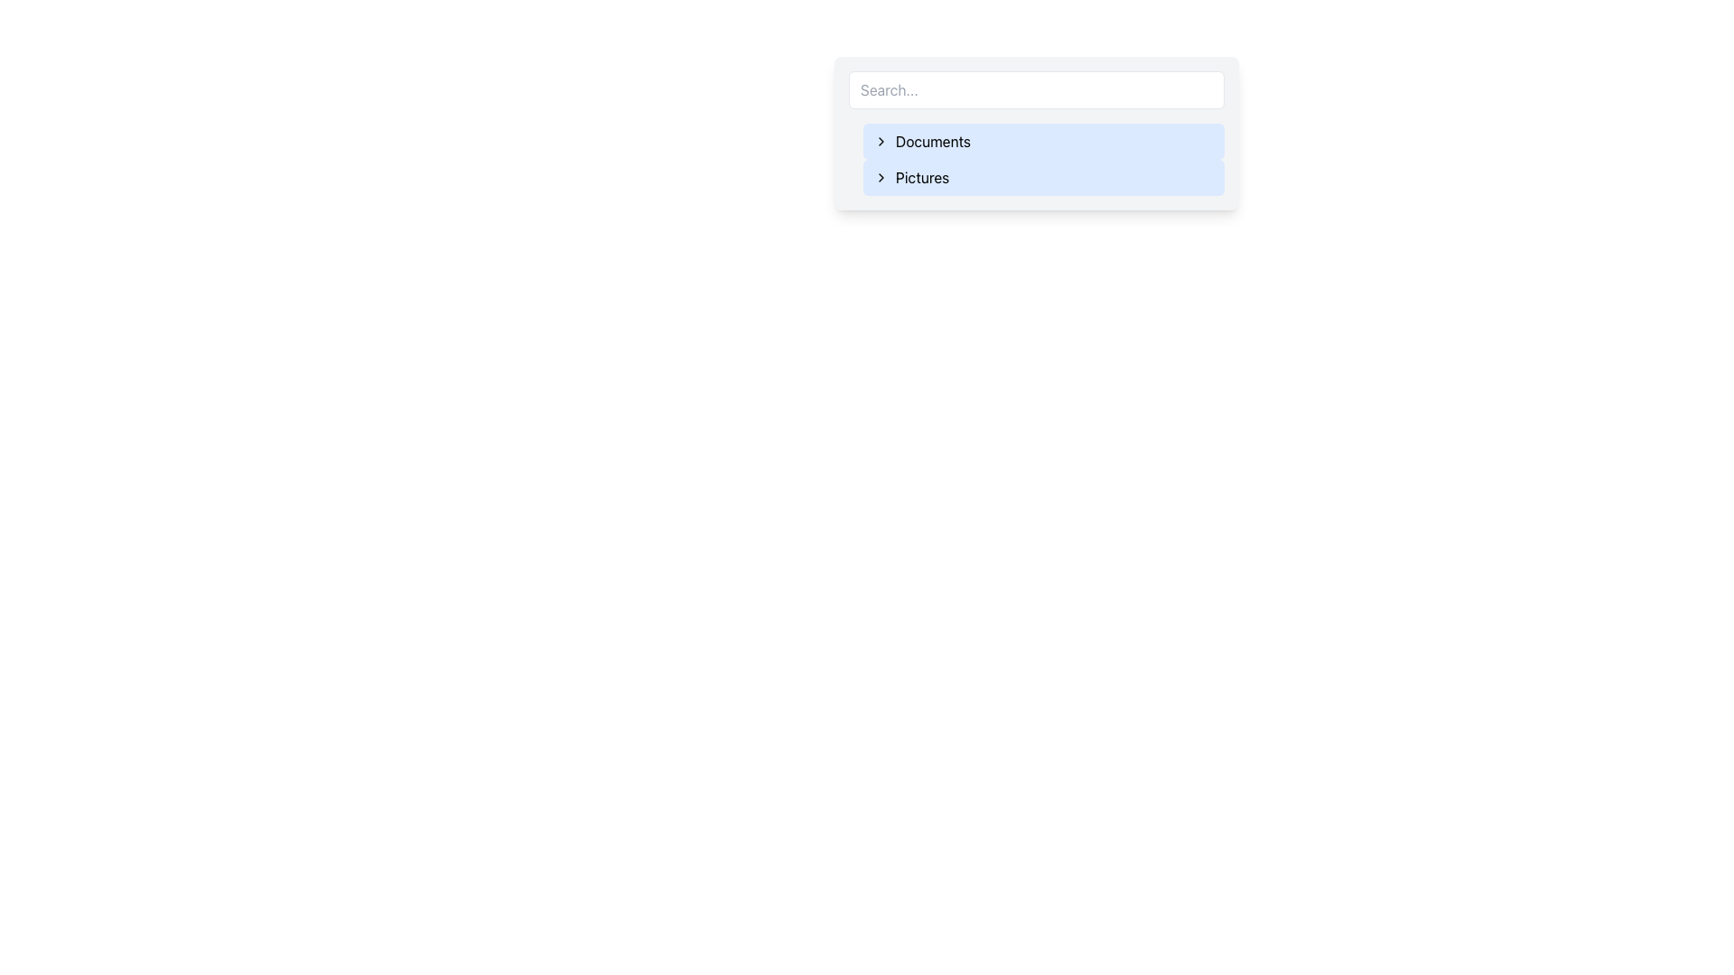 Image resolution: width=1734 pixels, height=975 pixels. I want to click on the small right-chevron icon next to the navigation label 'Documents', which is part of a clickable button styled with a blue background, so click(881, 141).